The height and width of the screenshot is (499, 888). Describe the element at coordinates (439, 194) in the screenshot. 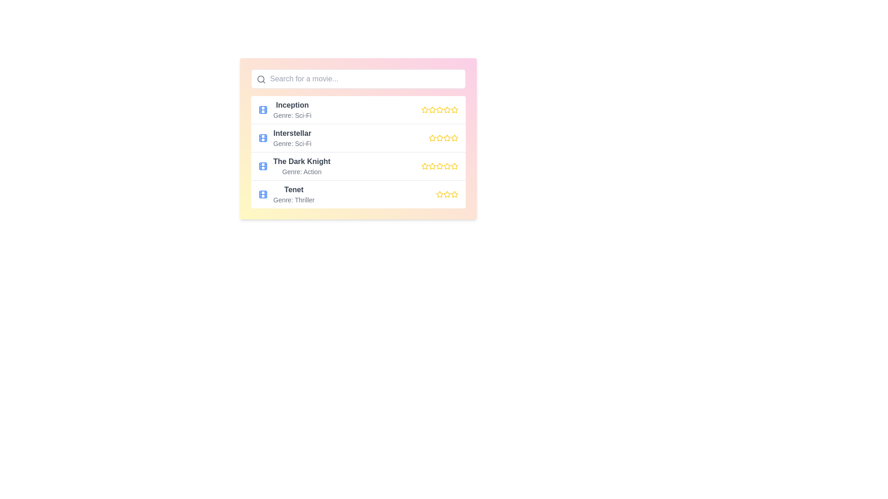

I see `the rating star icon located` at that location.